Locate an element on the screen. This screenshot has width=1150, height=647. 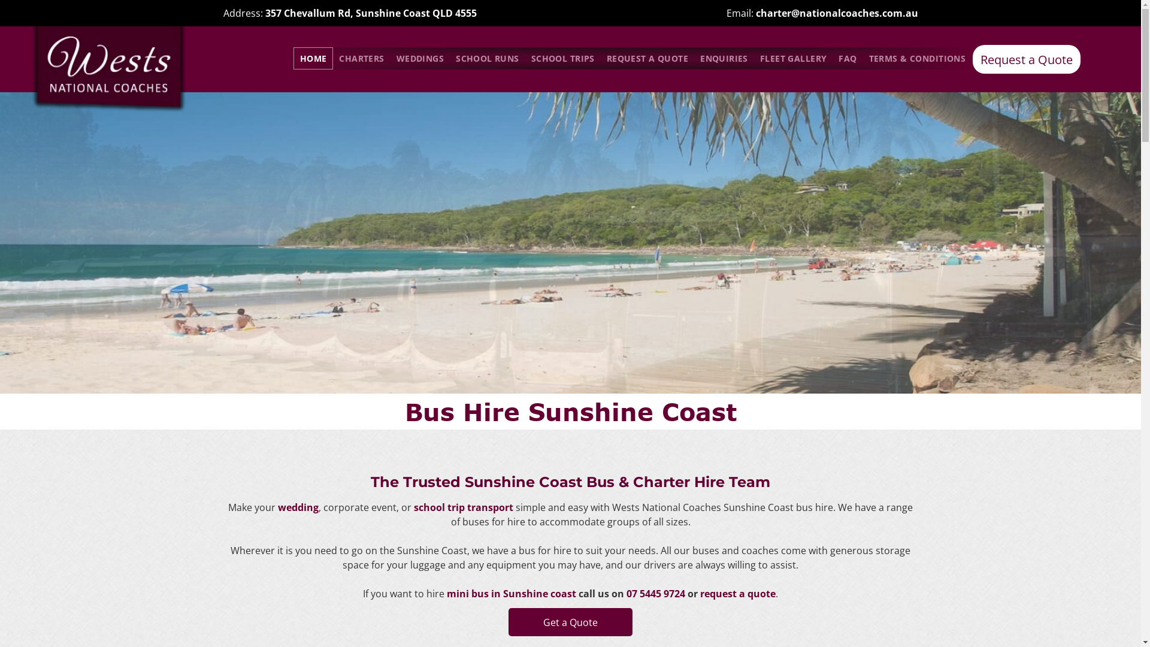
'CHARTERS' is located at coordinates (361, 58).